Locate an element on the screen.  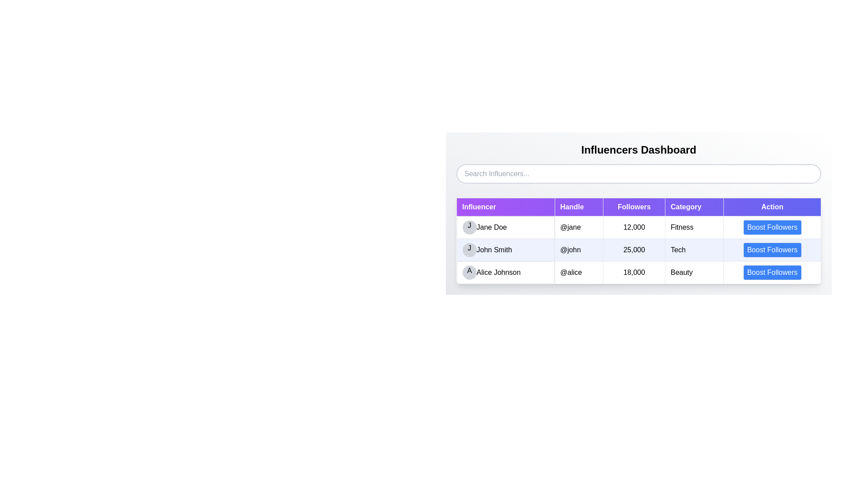
the text display field indicating 12,000 followers for the influencer 'Jane Doe', located under the 'Followers' column in the first row of the table body is located at coordinates (634, 227).